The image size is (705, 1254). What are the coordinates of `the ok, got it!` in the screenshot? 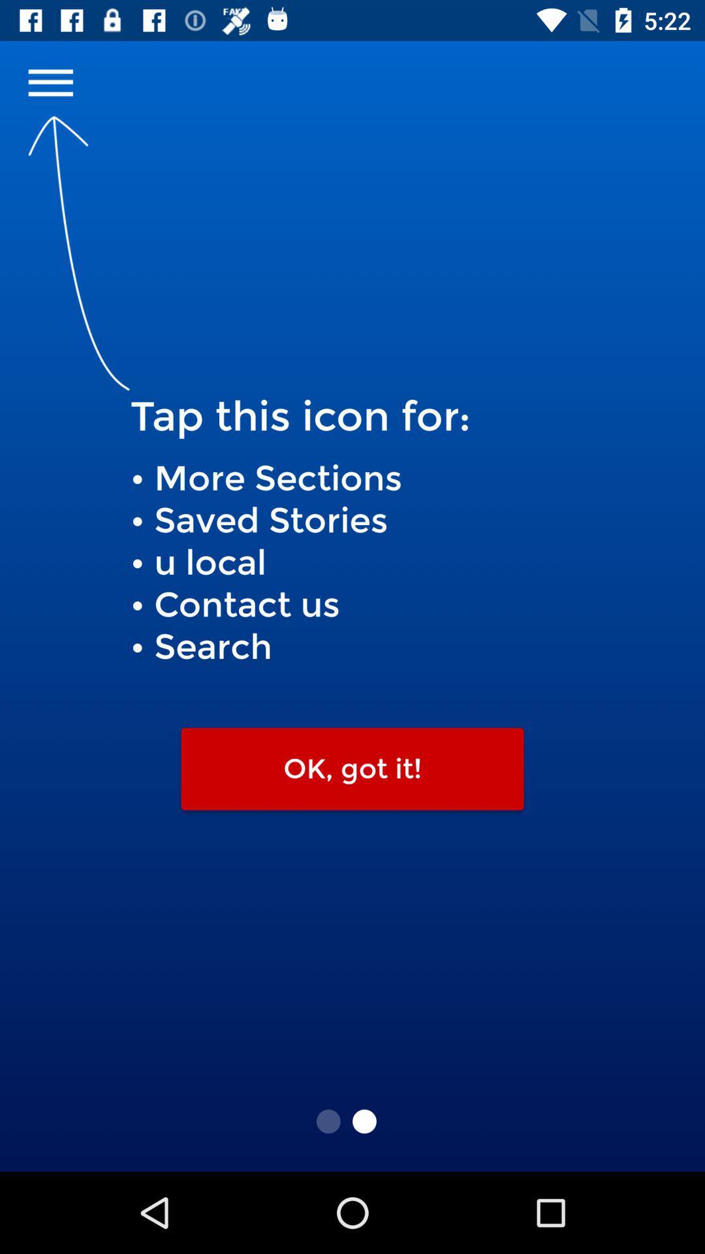 It's located at (352, 769).